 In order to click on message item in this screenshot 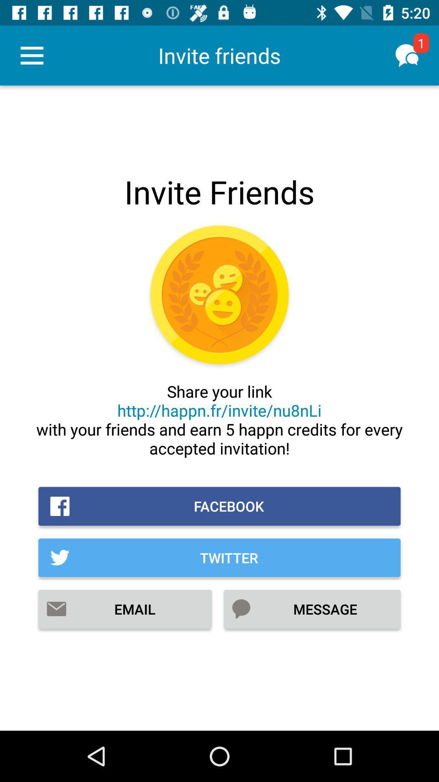, I will do `click(311, 609)`.